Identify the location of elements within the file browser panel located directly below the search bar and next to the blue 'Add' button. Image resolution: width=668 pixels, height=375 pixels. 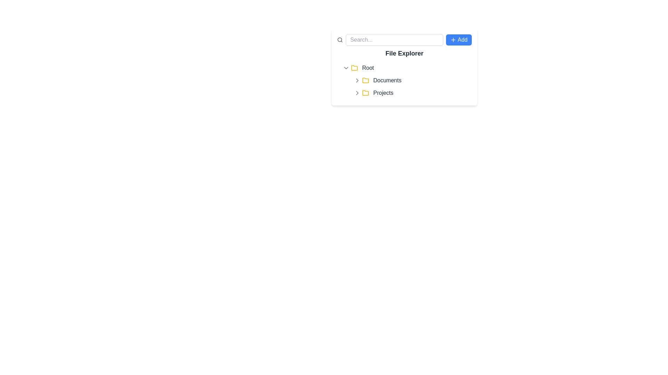
(404, 67).